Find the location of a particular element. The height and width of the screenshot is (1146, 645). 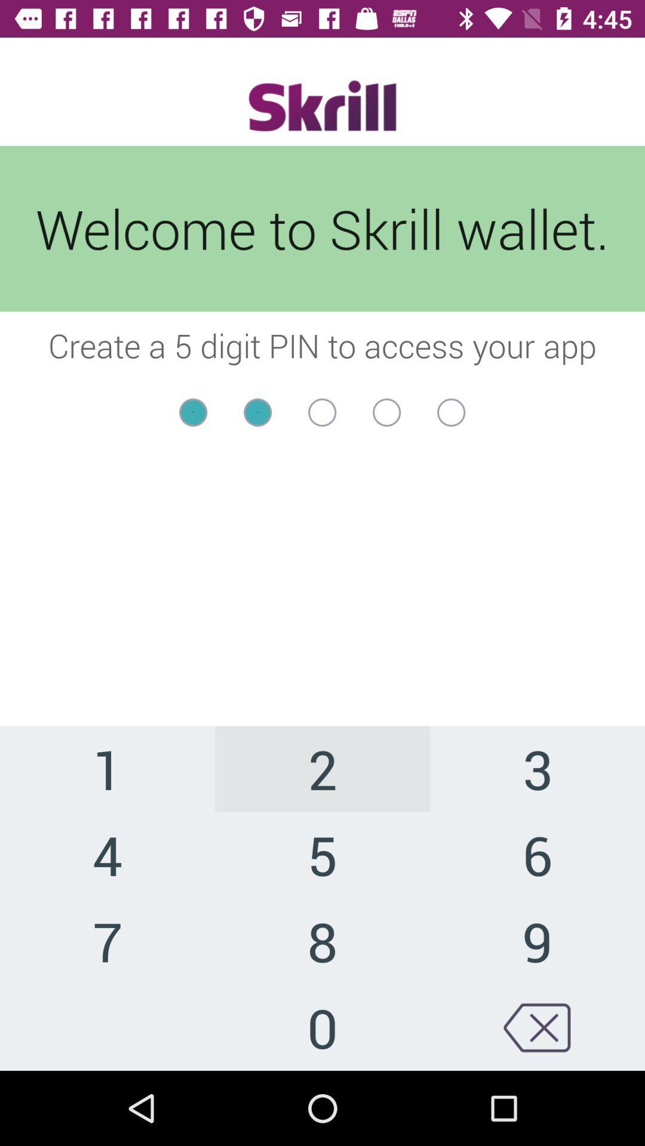

item below the create a 5 item is located at coordinates (322, 435).